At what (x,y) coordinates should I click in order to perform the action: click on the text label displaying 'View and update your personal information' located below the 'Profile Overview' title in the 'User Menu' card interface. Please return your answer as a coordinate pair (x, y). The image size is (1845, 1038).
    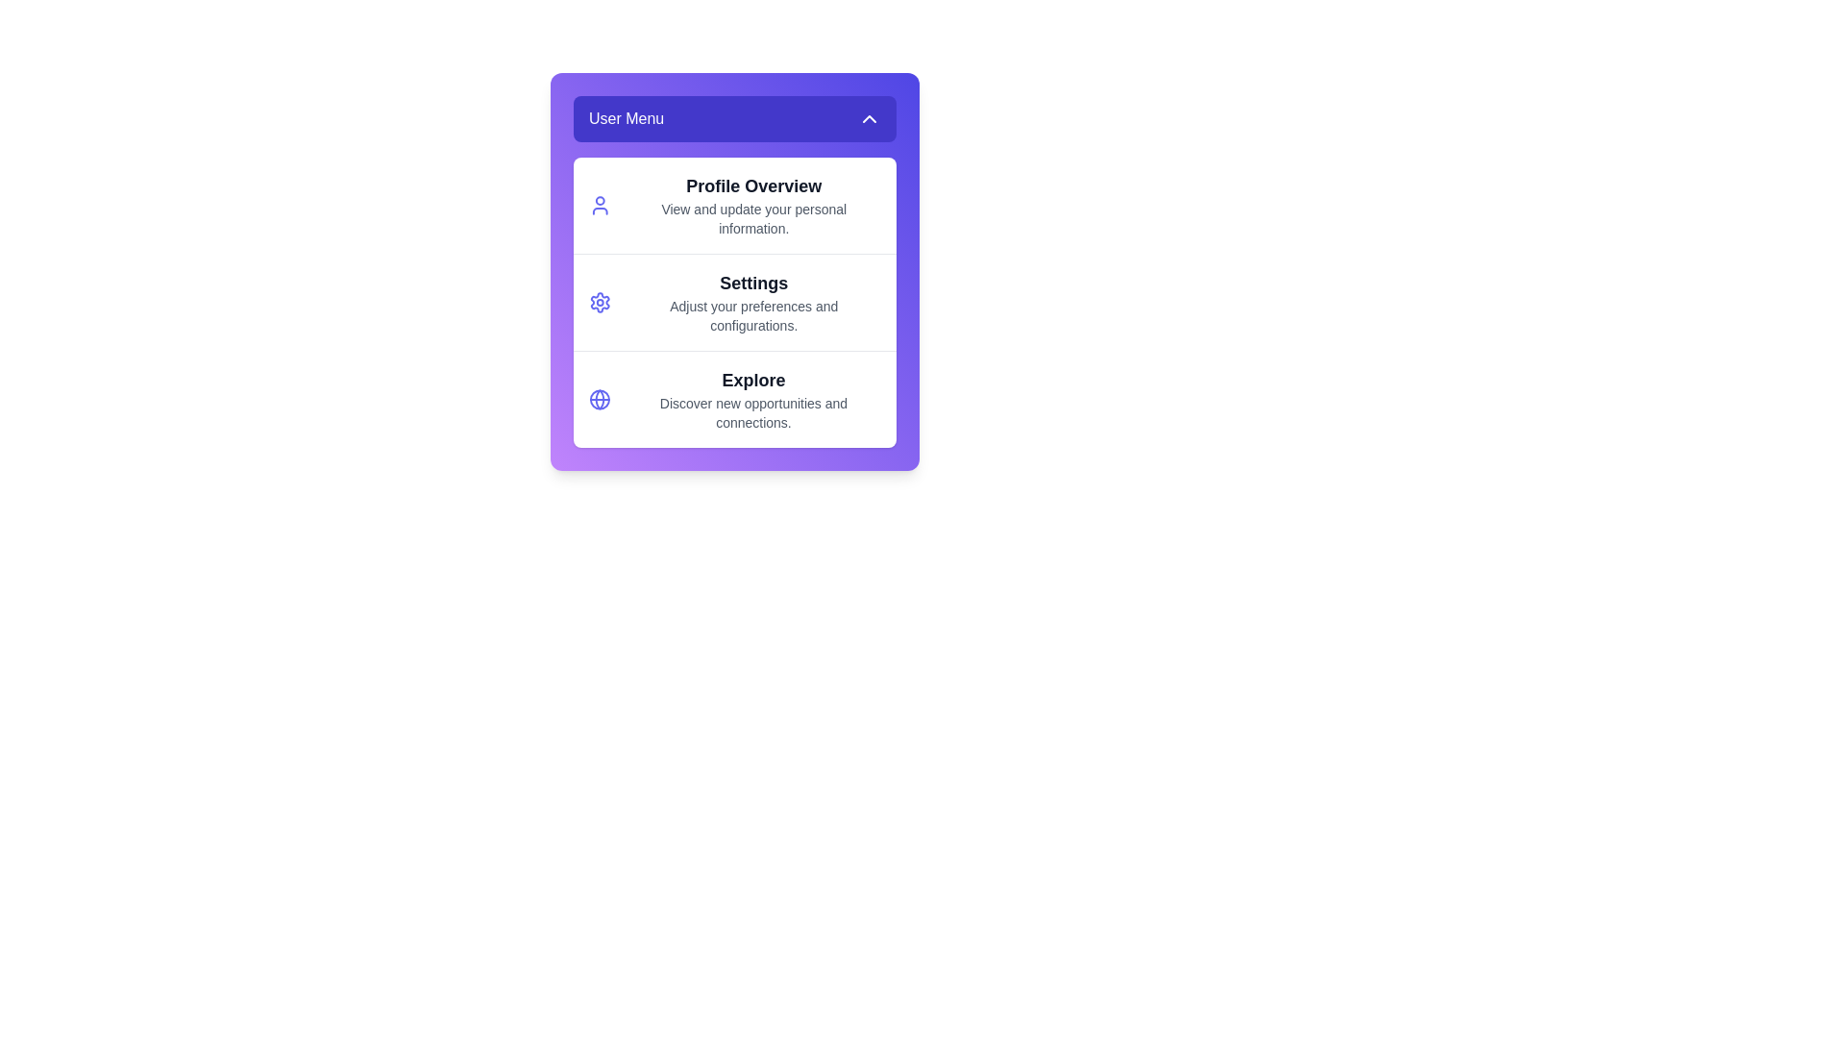
    Looking at the image, I should click on (752, 217).